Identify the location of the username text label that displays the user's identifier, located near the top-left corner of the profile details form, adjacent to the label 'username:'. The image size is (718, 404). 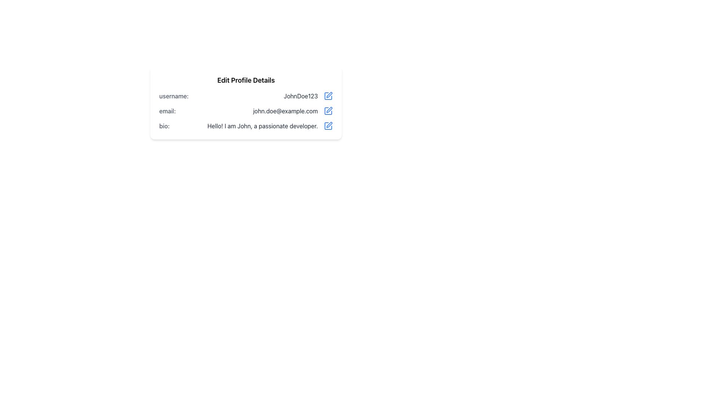
(301, 96).